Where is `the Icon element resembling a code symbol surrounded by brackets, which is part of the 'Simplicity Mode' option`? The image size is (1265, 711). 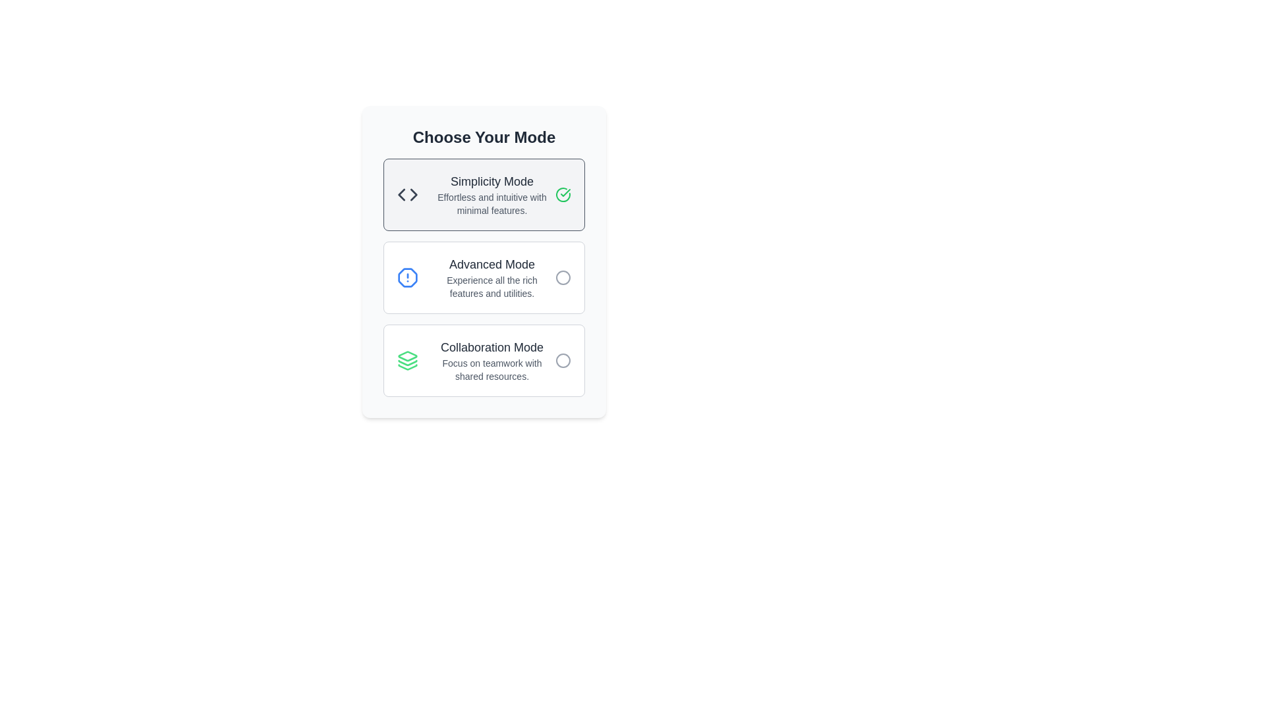 the Icon element resembling a code symbol surrounded by brackets, which is part of the 'Simplicity Mode' option is located at coordinates (407, 195).